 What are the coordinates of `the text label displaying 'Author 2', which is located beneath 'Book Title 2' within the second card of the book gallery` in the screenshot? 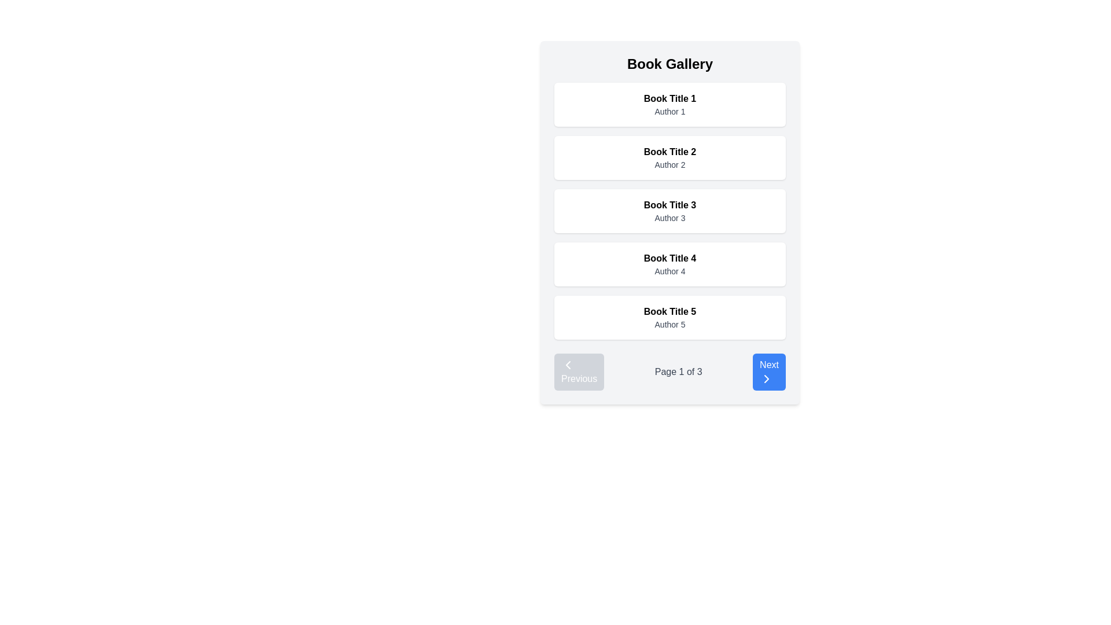 It's located at (669, 165).